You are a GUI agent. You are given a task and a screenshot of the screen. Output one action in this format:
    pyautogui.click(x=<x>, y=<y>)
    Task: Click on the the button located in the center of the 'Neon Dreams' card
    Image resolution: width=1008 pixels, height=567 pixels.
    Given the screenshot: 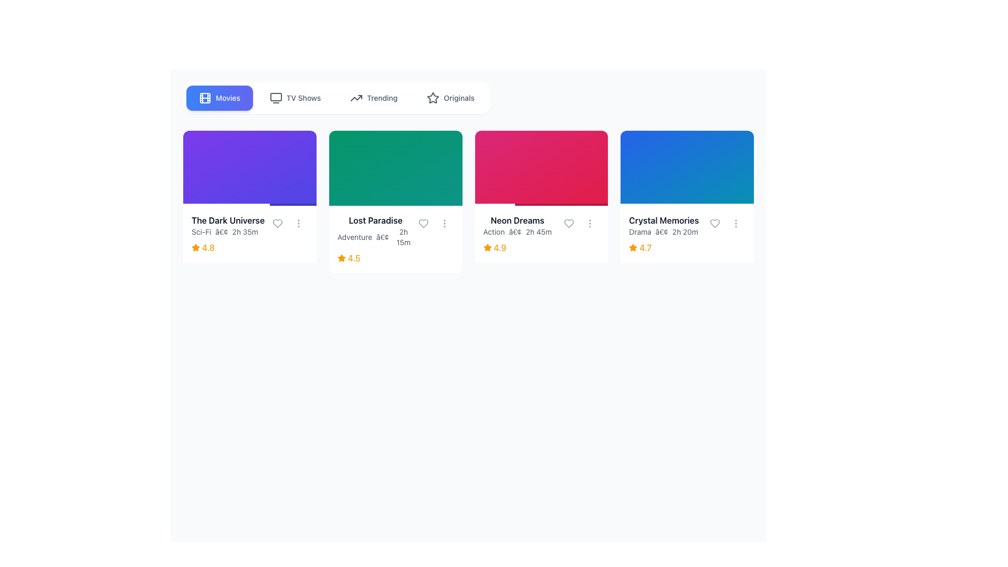 What is the action you would take?
    pyautogui.click(x=541, y=167)
    